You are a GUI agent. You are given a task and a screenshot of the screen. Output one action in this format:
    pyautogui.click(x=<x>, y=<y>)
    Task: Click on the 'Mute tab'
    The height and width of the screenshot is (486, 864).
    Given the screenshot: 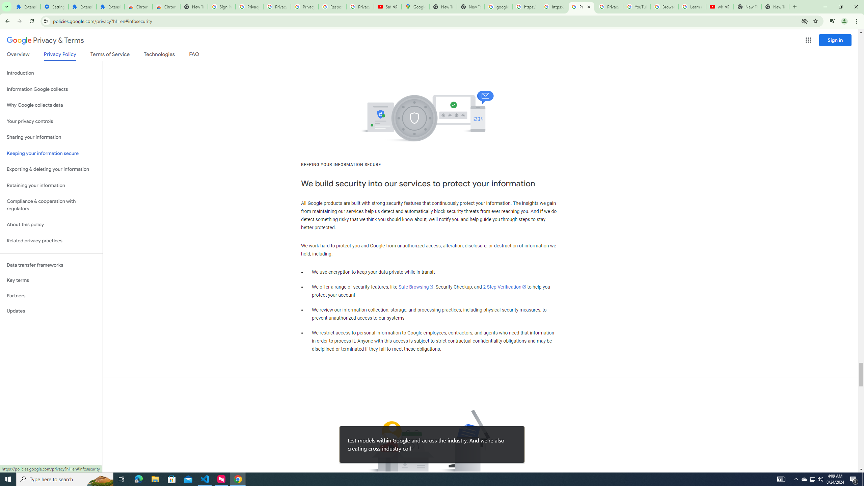 What is the action you would take?
    pyautogui.click(x=727, y=6)
    